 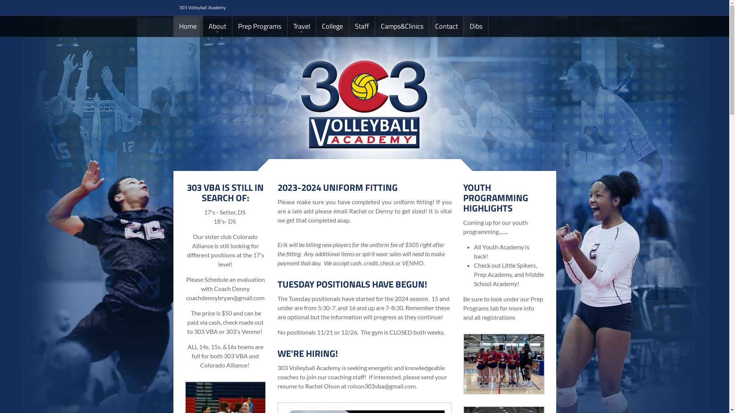 I want to click on 'Prep Programs', so click(x=259, y=26).